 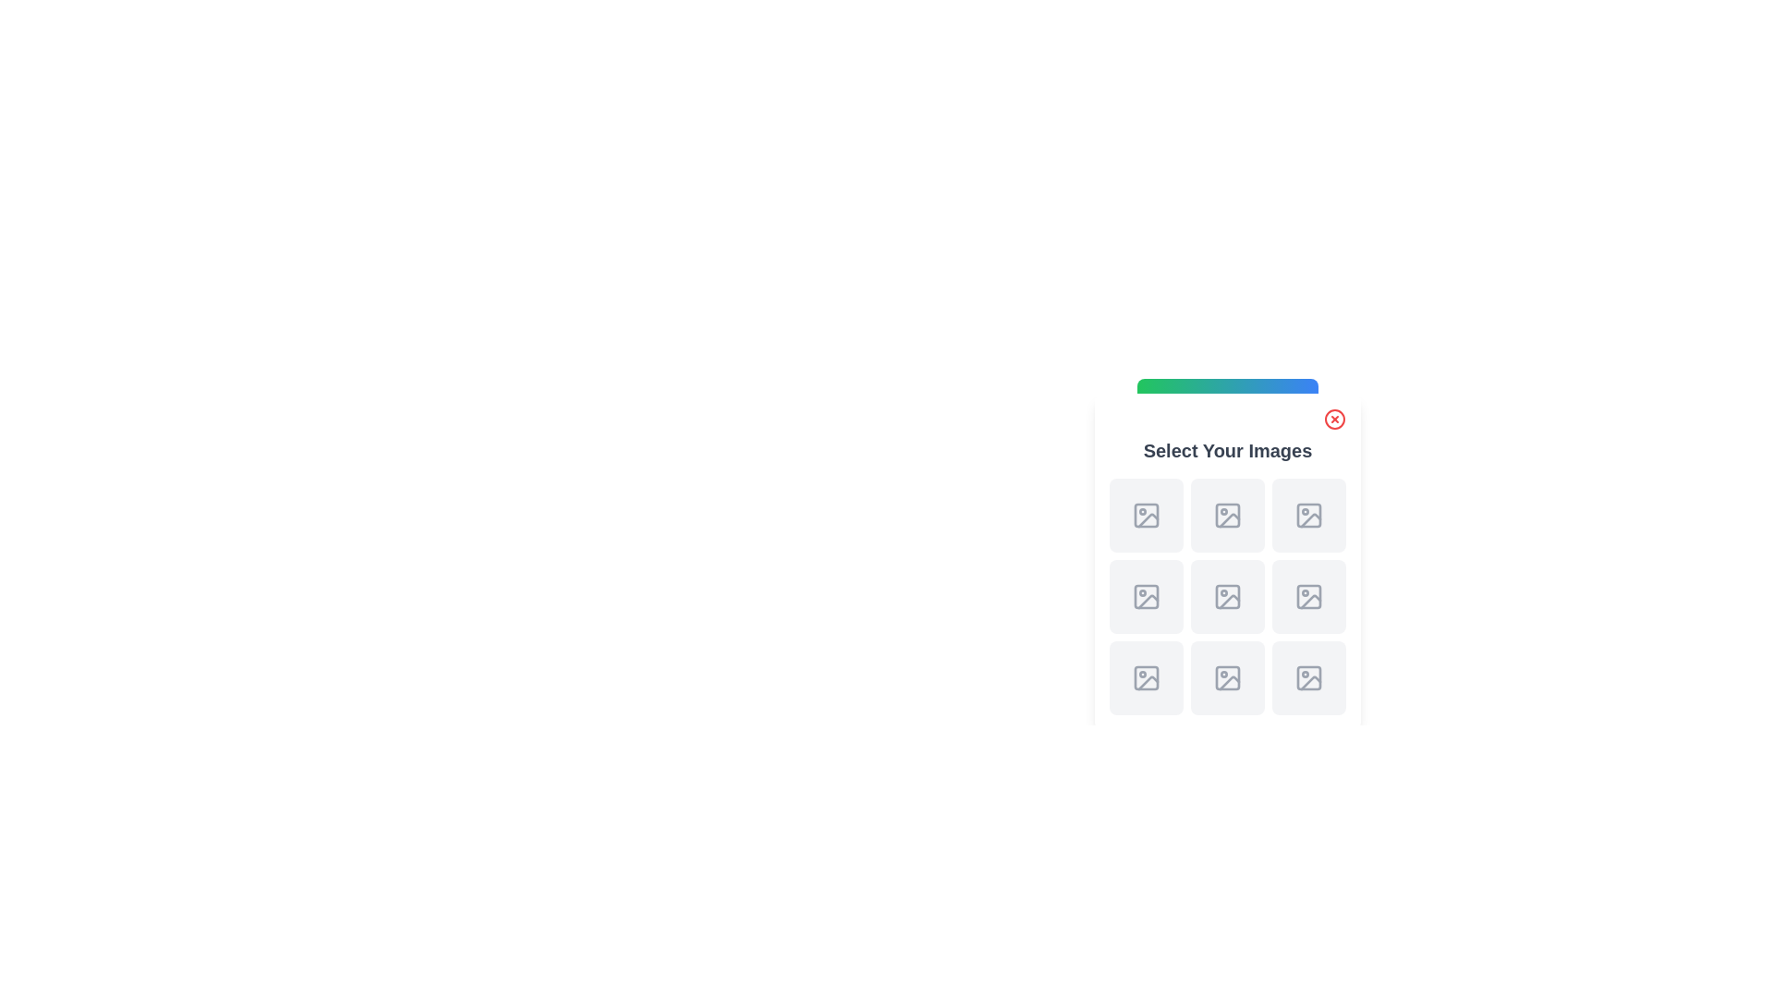 I want to click on the image or gallery-related icon located in the top-left corner of the green-to-blue gradient header bar, so click(x=1170, y=401).